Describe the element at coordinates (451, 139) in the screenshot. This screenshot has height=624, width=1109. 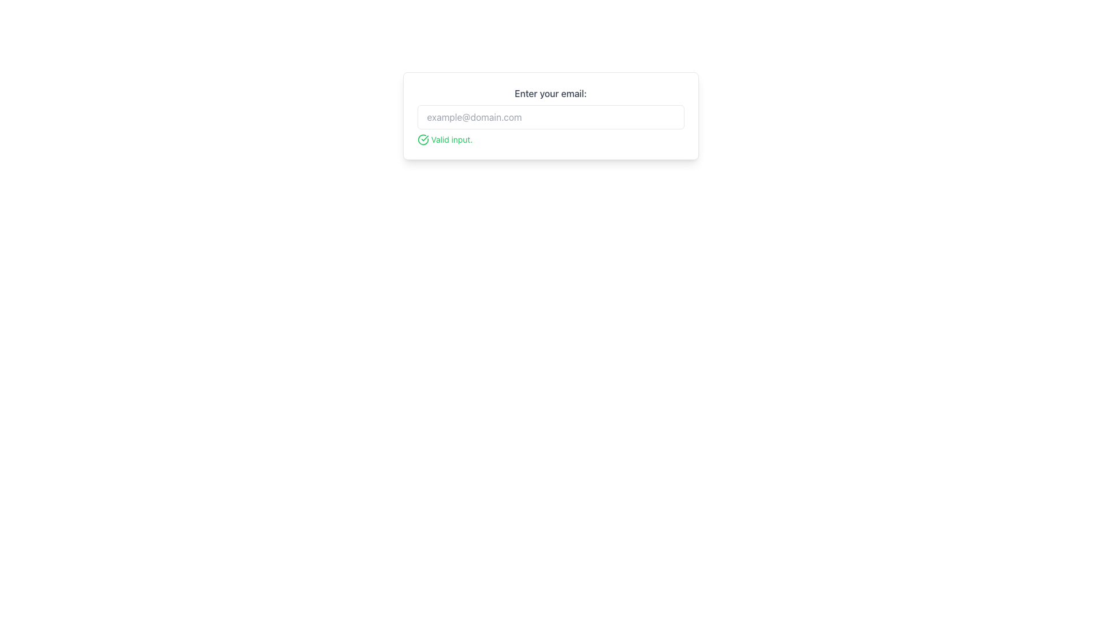
I see `the static text element displaying 'Valid input.' which indicates a valid input in the email field` at that location.